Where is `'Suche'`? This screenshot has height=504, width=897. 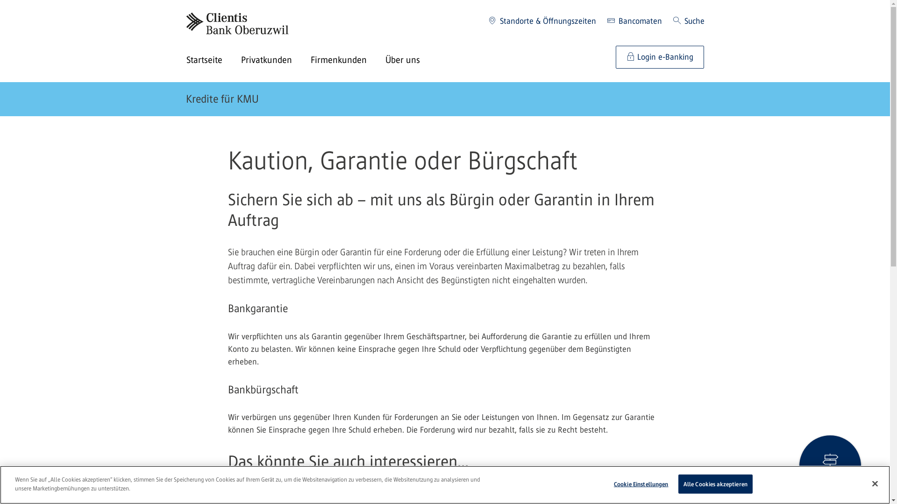 'Suche' is located at coordinates (688, 21).